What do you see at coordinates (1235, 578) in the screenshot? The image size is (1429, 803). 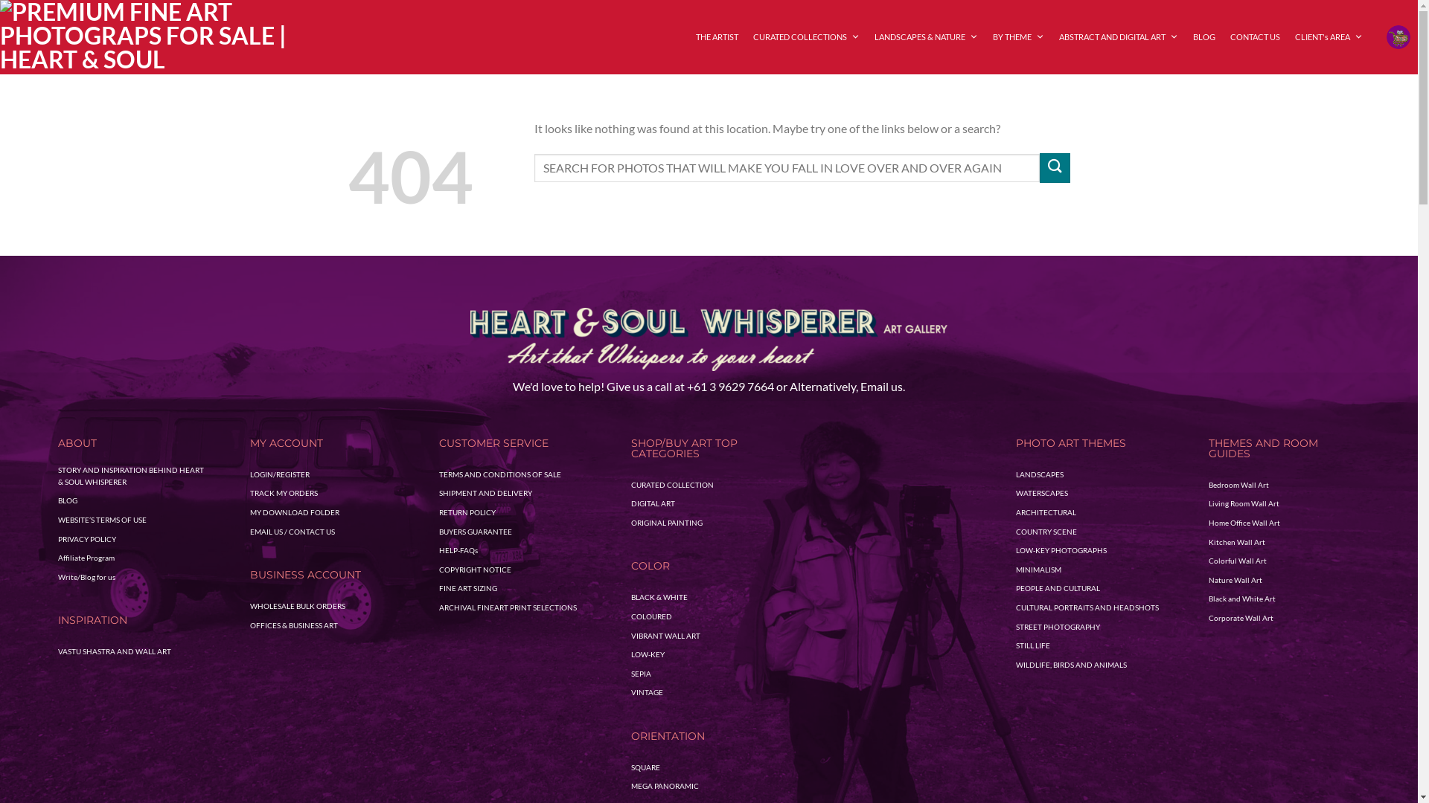 I see `'Nature Wall Art'` at bounding box center [1235, 578].